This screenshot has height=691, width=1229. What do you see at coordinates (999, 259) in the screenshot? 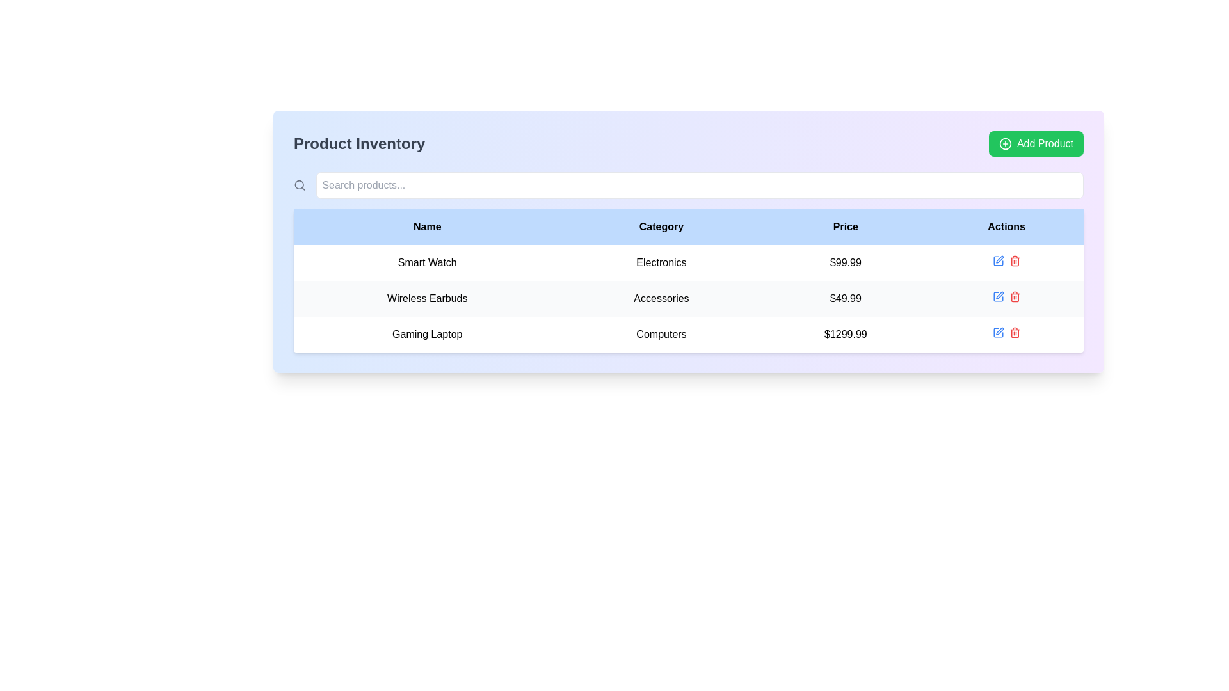
I see `the pencil-like icon in the 'Actions' column associated with 'Wireless Earbuds' to initiate editing` at bounding box center [999, 259].